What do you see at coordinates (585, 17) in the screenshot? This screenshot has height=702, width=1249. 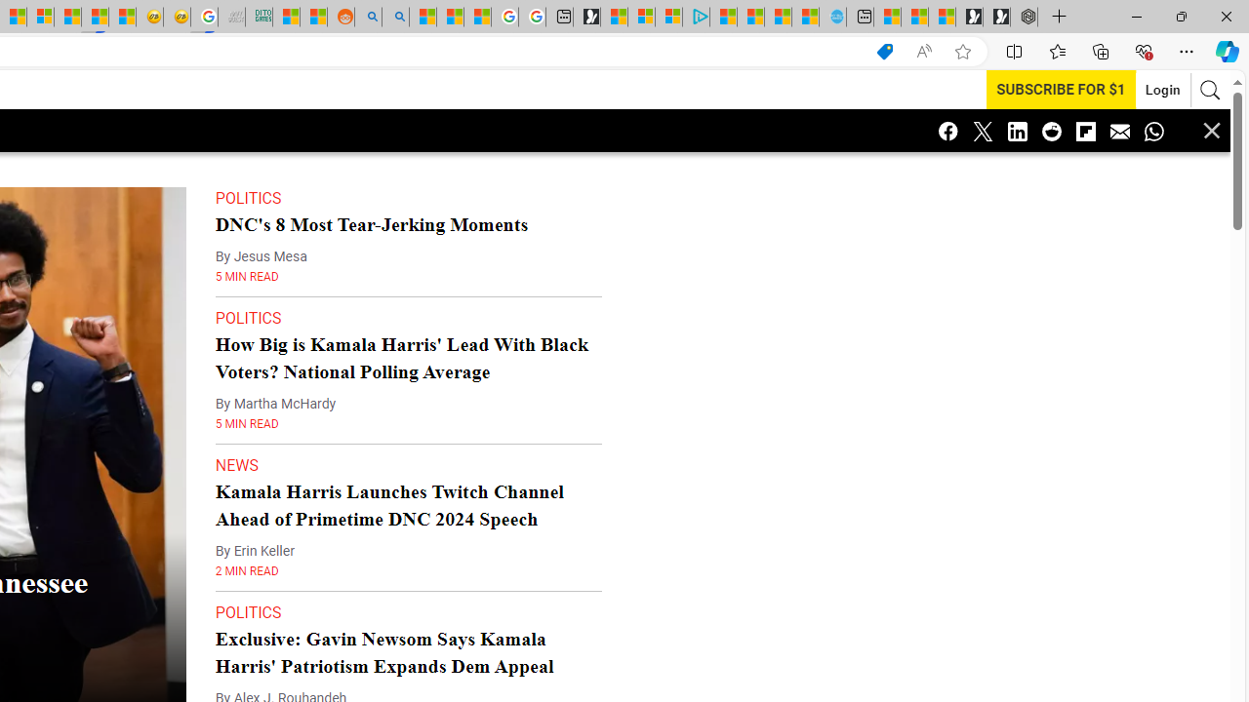 I see `'Microsoft Start Gaming'` at bounding box center [585, 17].